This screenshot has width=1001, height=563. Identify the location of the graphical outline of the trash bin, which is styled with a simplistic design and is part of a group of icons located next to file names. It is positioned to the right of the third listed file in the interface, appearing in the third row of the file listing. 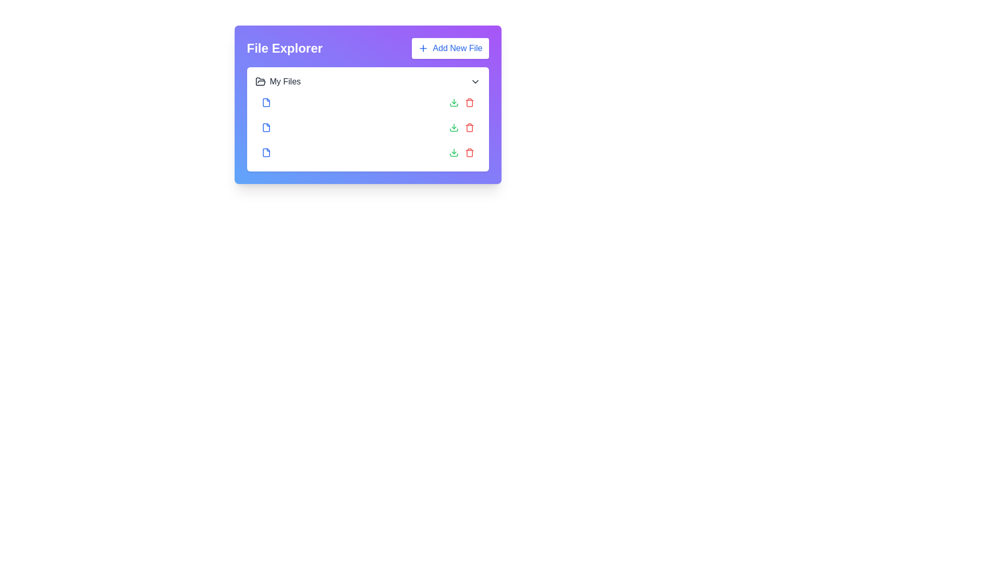
(469, 153).